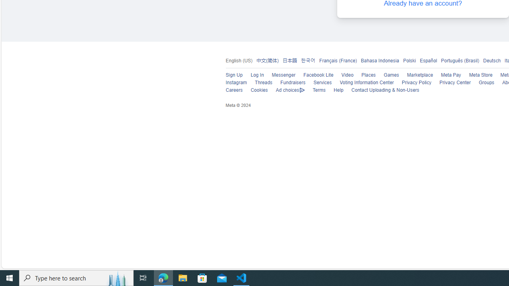 This screenshot has width=509, height=286. What do you see at coordinates (455, 83) in the screenshot?
I see `'Privacy Center'` at bounding box center [455, 83].